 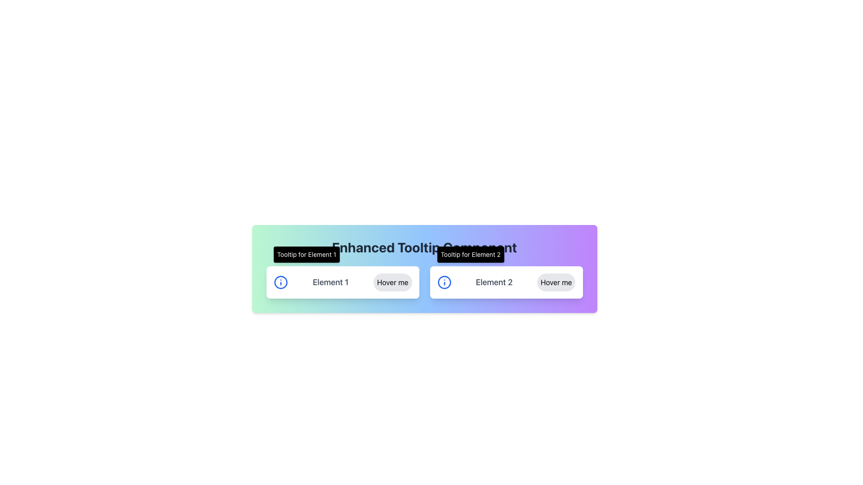 I want to click on the static text label that provides descriptive information, positioned centrally between the info icon and the 'Hover me' button, so click(x=330, y=282).